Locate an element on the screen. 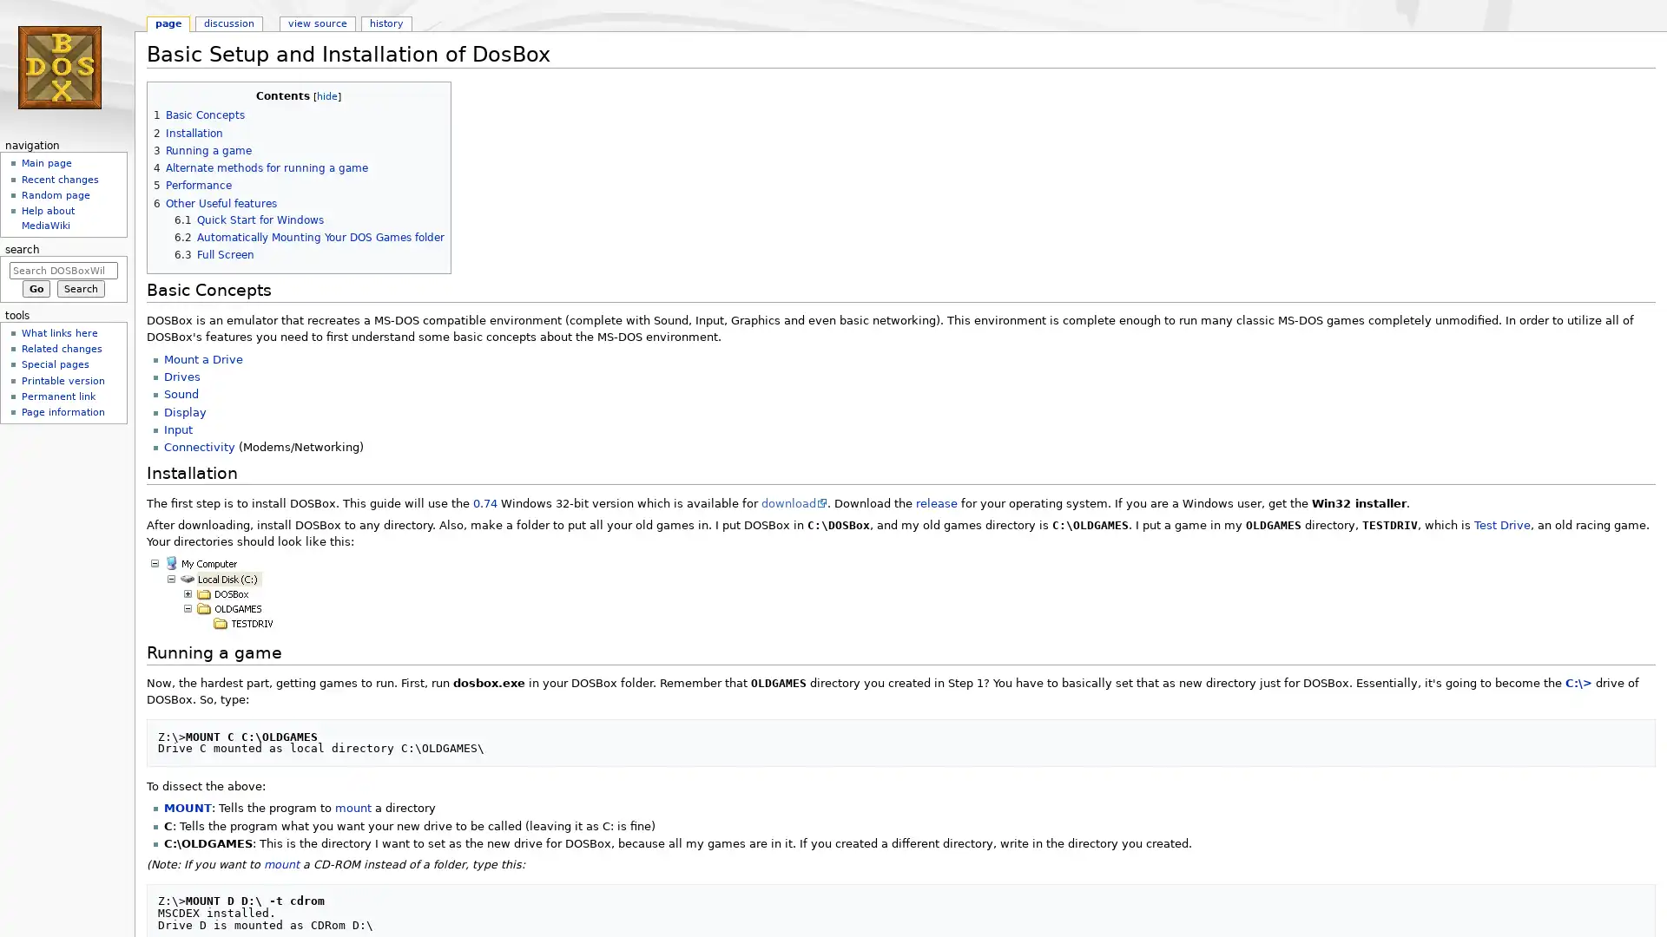  Go is located at coordinates (36, 287).